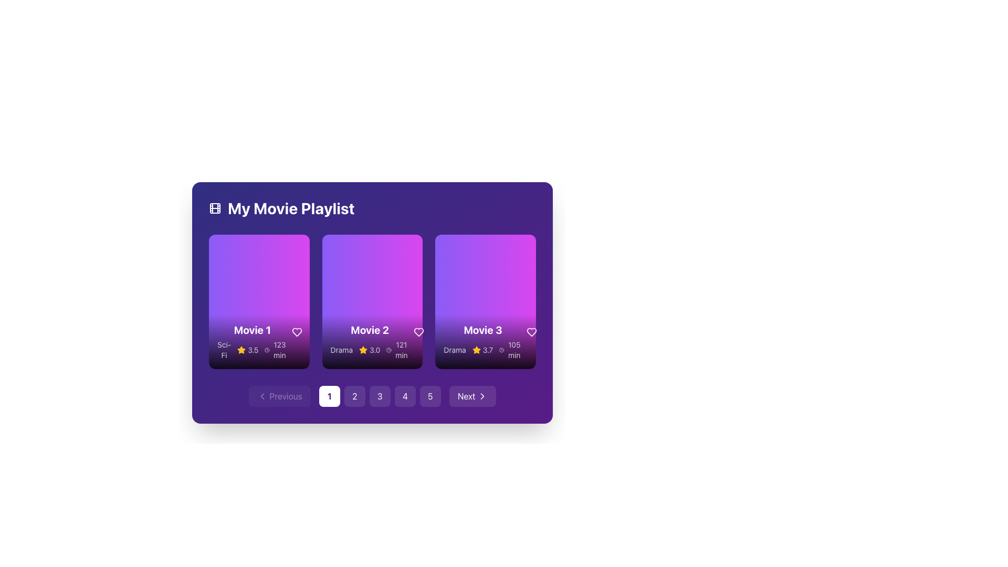 This screenshot has width=1008, height=567. Describe the element at coordinates (363, 350) in the screenshot. I see `the rating icon representing a movie rating of '3.0' located in the rating section of the second card in the movie playlist grid` at that location.